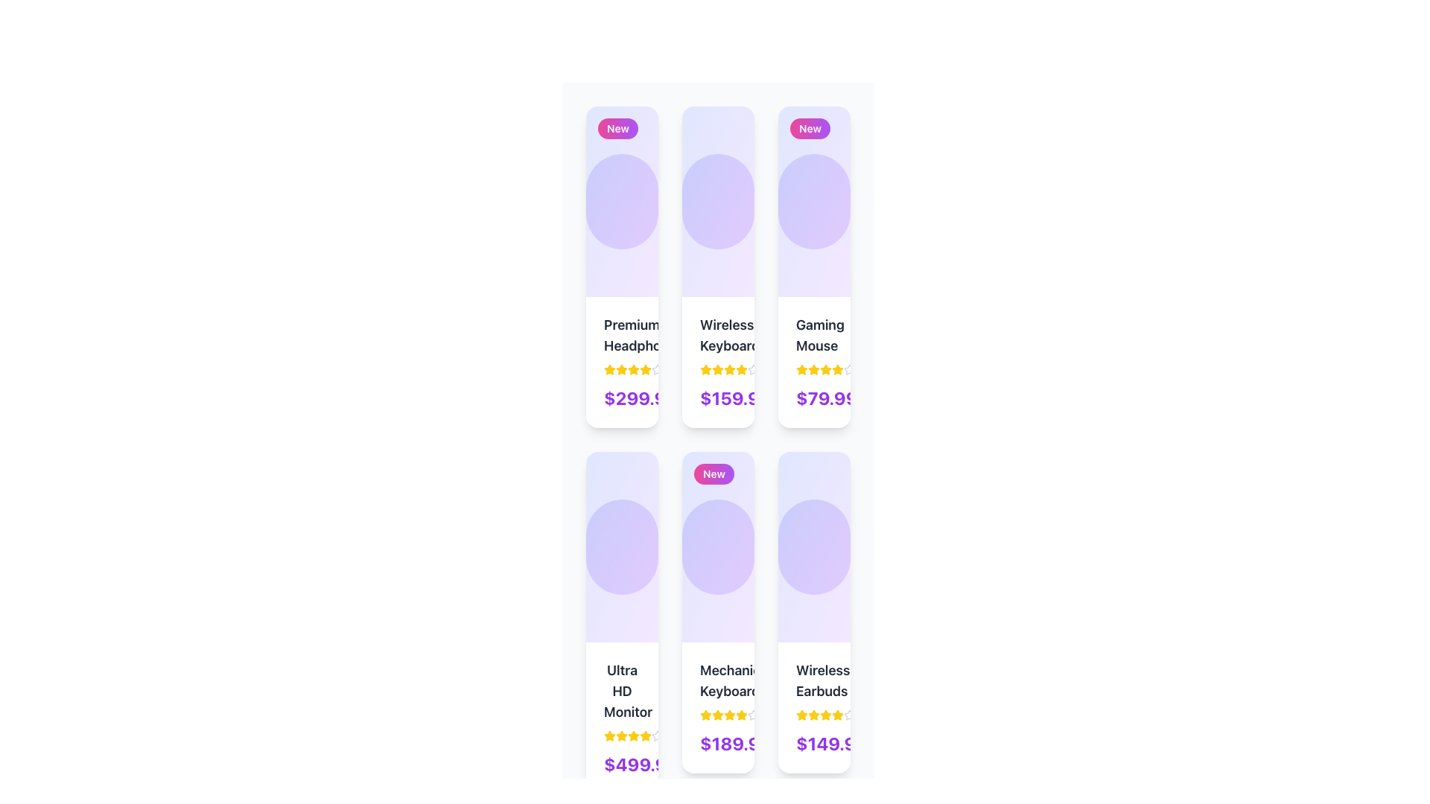 Image resolution: width=1430 pixels, height=804 pixels. What do you see at coordinates (813, 707) in the screenshot?
I see `the stars in the Product Information Block located in the bottom right of the layout` at bounding box center [813, 707].